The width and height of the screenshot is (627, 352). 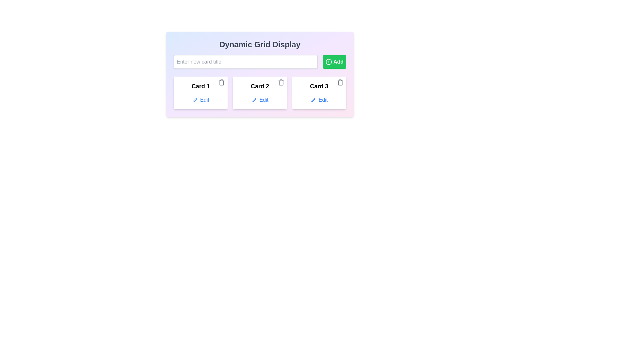 I want to click on the bold, enlarged text label displaying 'Card 2', which serves as the main title text of the second card in the grid, so click(x=260, y=86).